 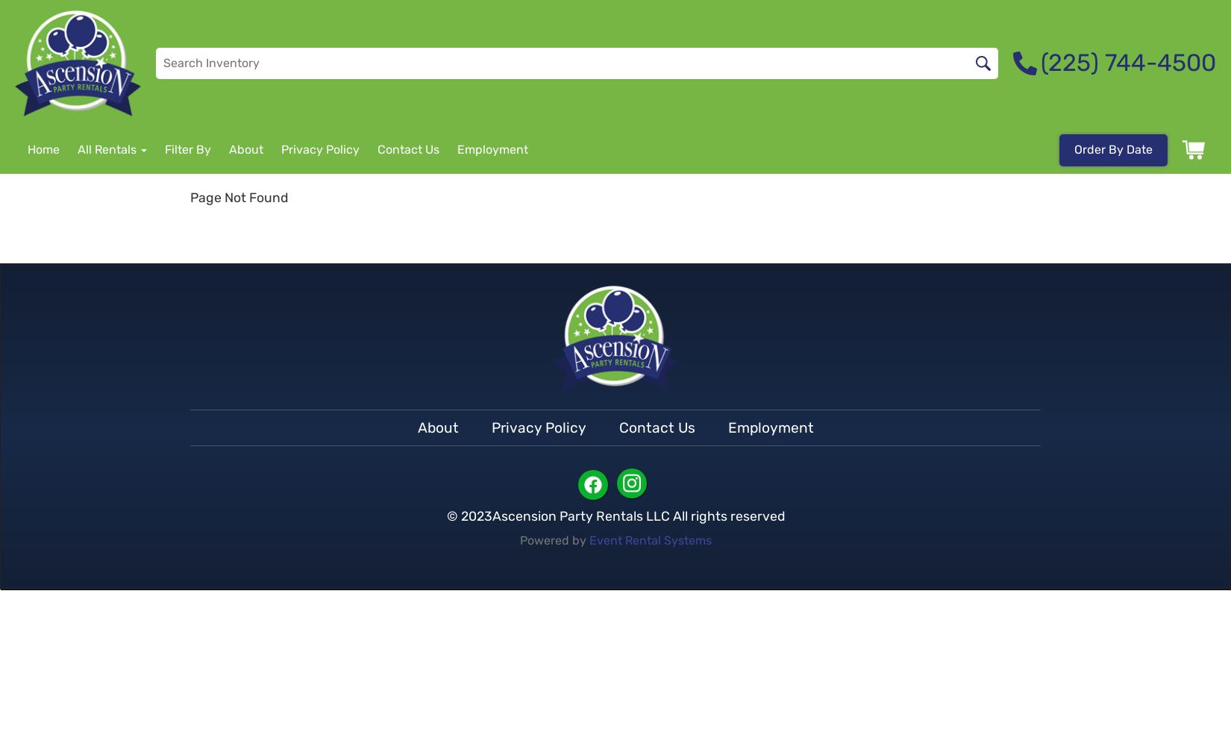 What do you see at coordinates (1127, 62) in the screenshot?
I see `'(225) 744-4500'` at bounding box center [1127, 62].